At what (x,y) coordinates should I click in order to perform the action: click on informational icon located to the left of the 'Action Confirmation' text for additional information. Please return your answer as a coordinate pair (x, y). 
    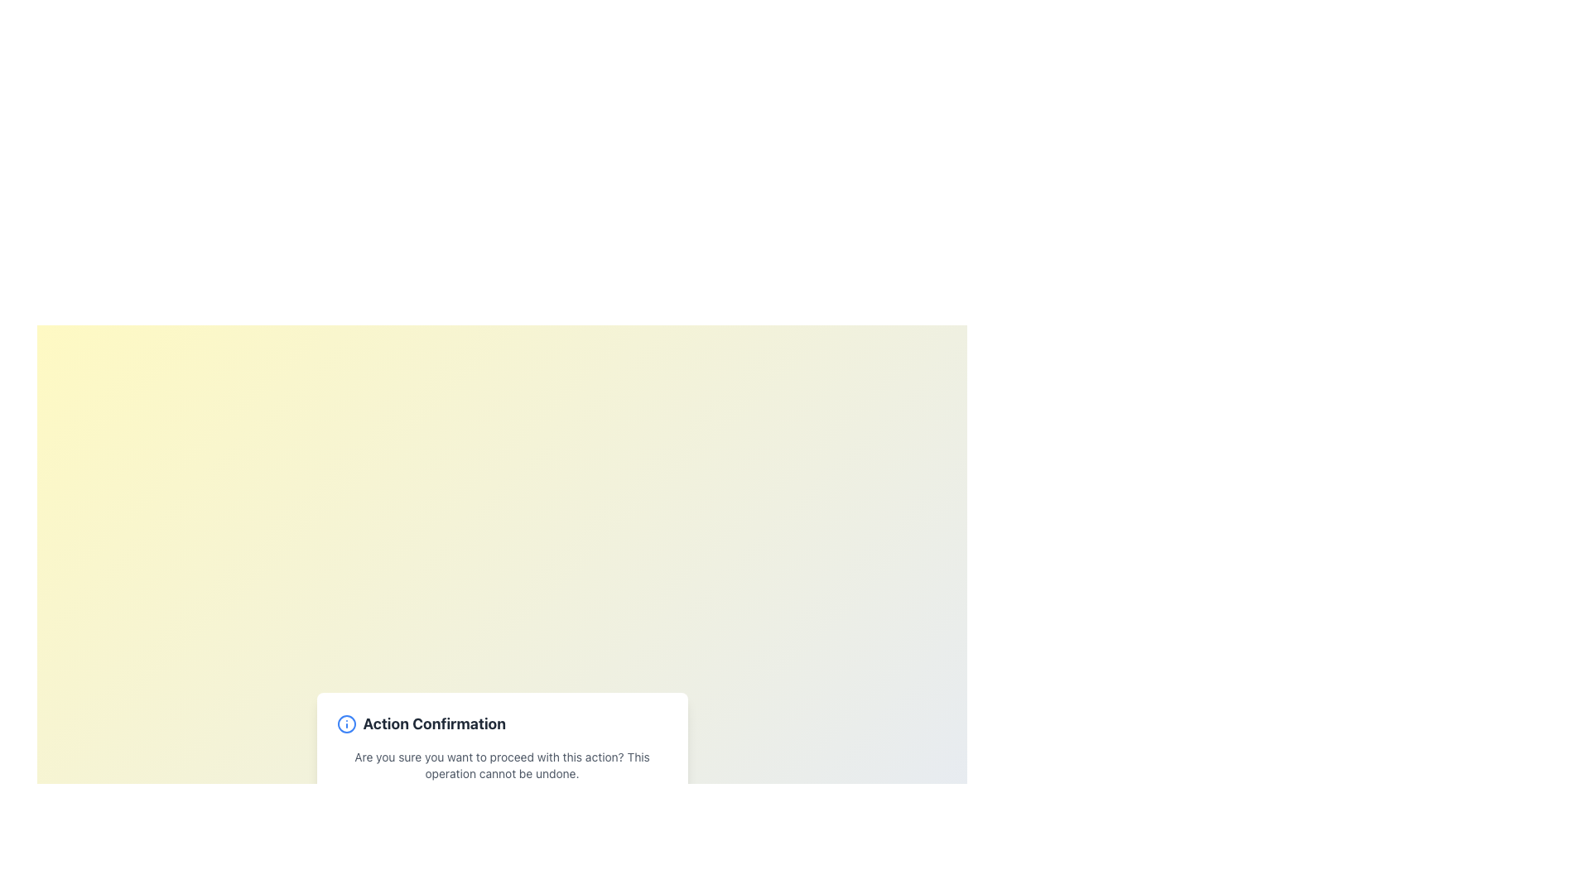
    Looking at the image, I should click on (345, 723).